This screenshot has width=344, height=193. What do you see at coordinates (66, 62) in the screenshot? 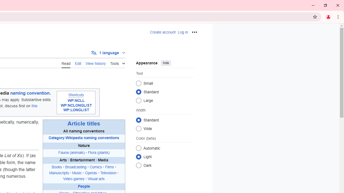
I see `'AutomationID: ca-view'` at bounding box center [66, 62].